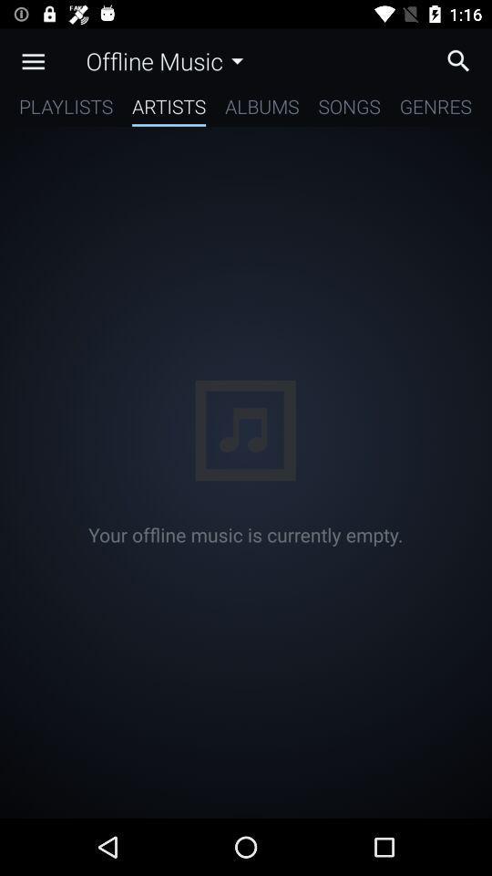  I want to click on tap on the tab named as songs, so click(349, 109).